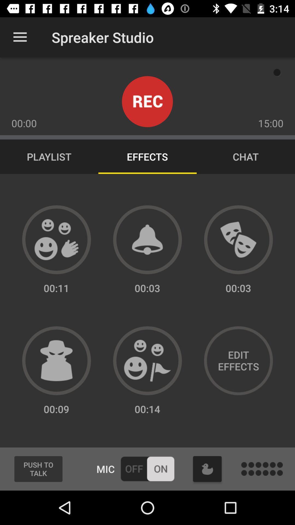  Describe the element at coordinates (147, 468) in the screenshot. I see `mic on or off` at that location.